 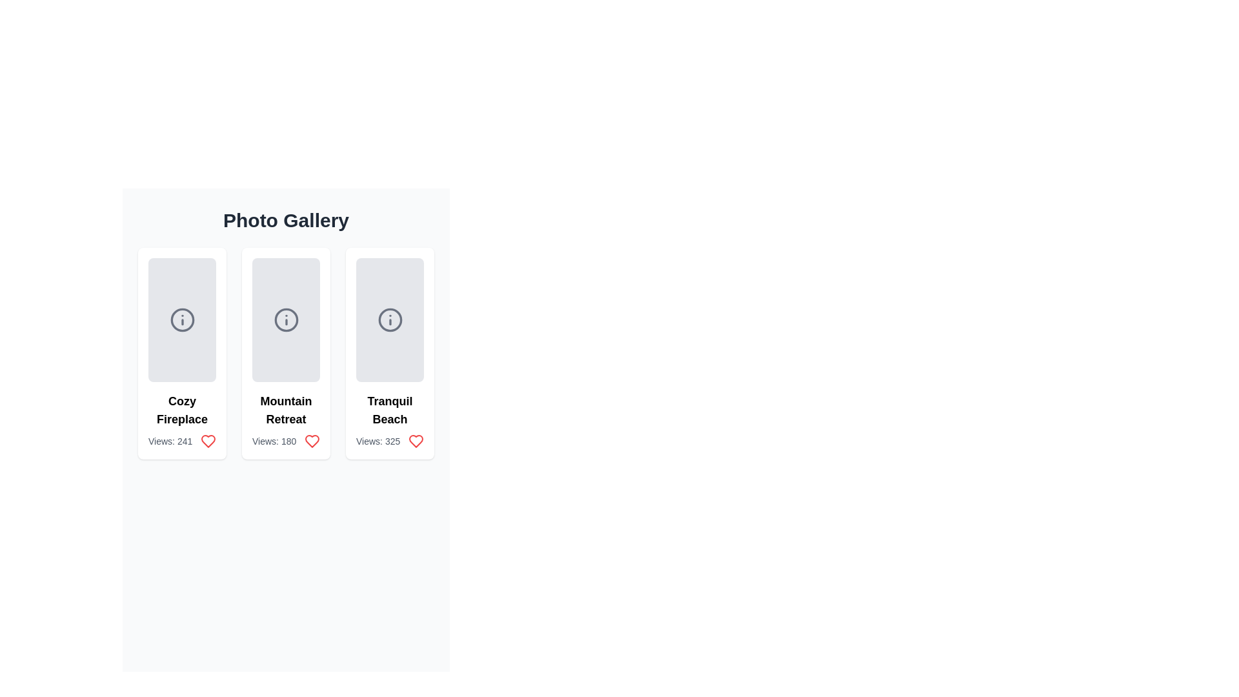 What do you see at coordinates (416, 440) in the screenshot?
I see `the heart-shaped button styled in red, located` at bounding box center [416, 440].